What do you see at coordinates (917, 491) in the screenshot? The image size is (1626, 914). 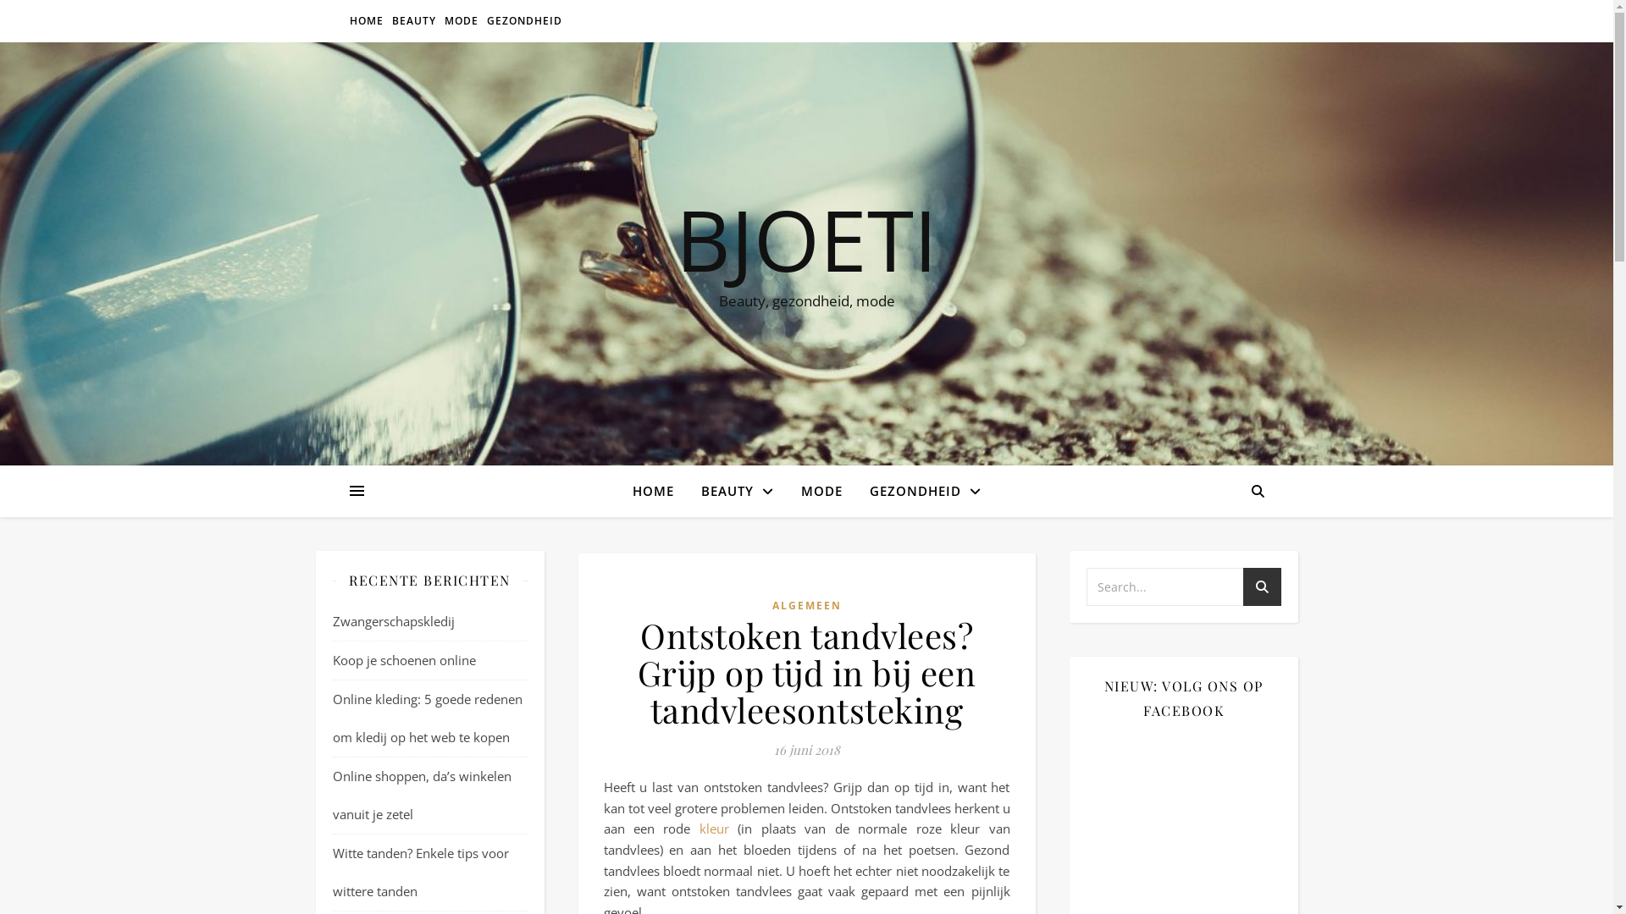 I see `'GEZONDHEID'` at bounding box center [917, 491].